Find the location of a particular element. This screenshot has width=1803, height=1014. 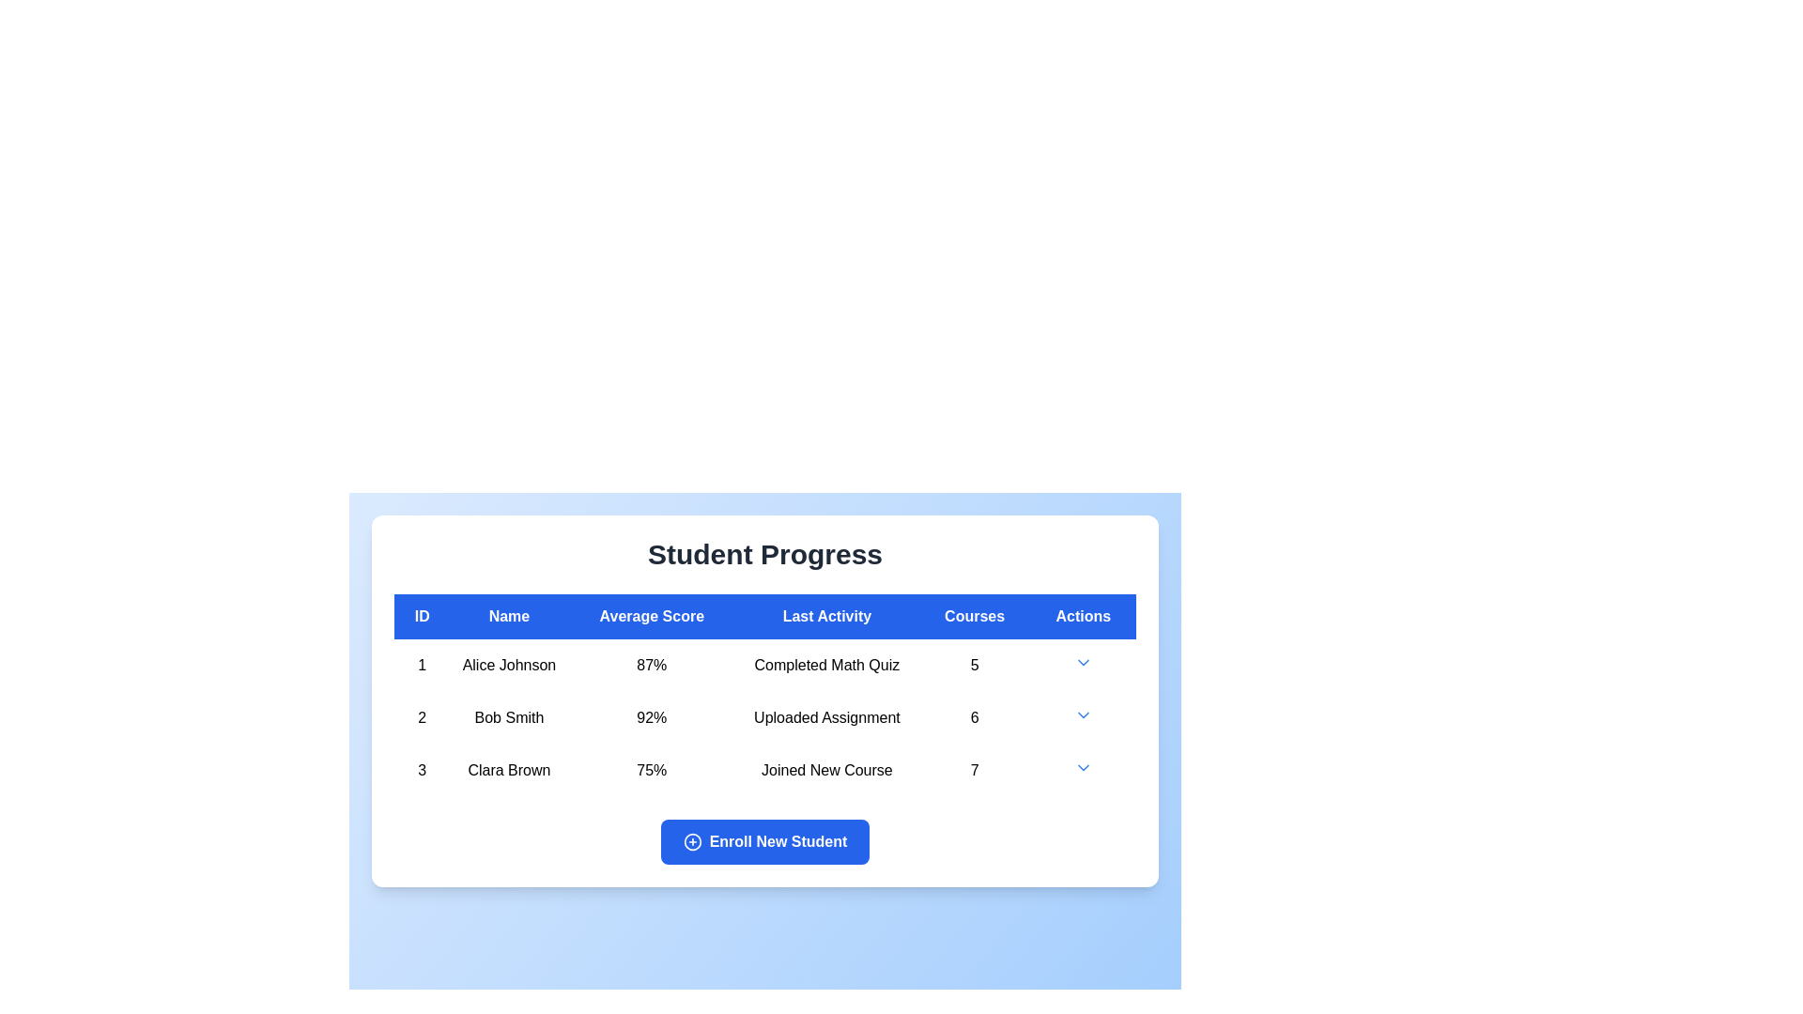

label of the first column header in the table, which indicates unique identifiers for each row is located at coordinates (421, 616).